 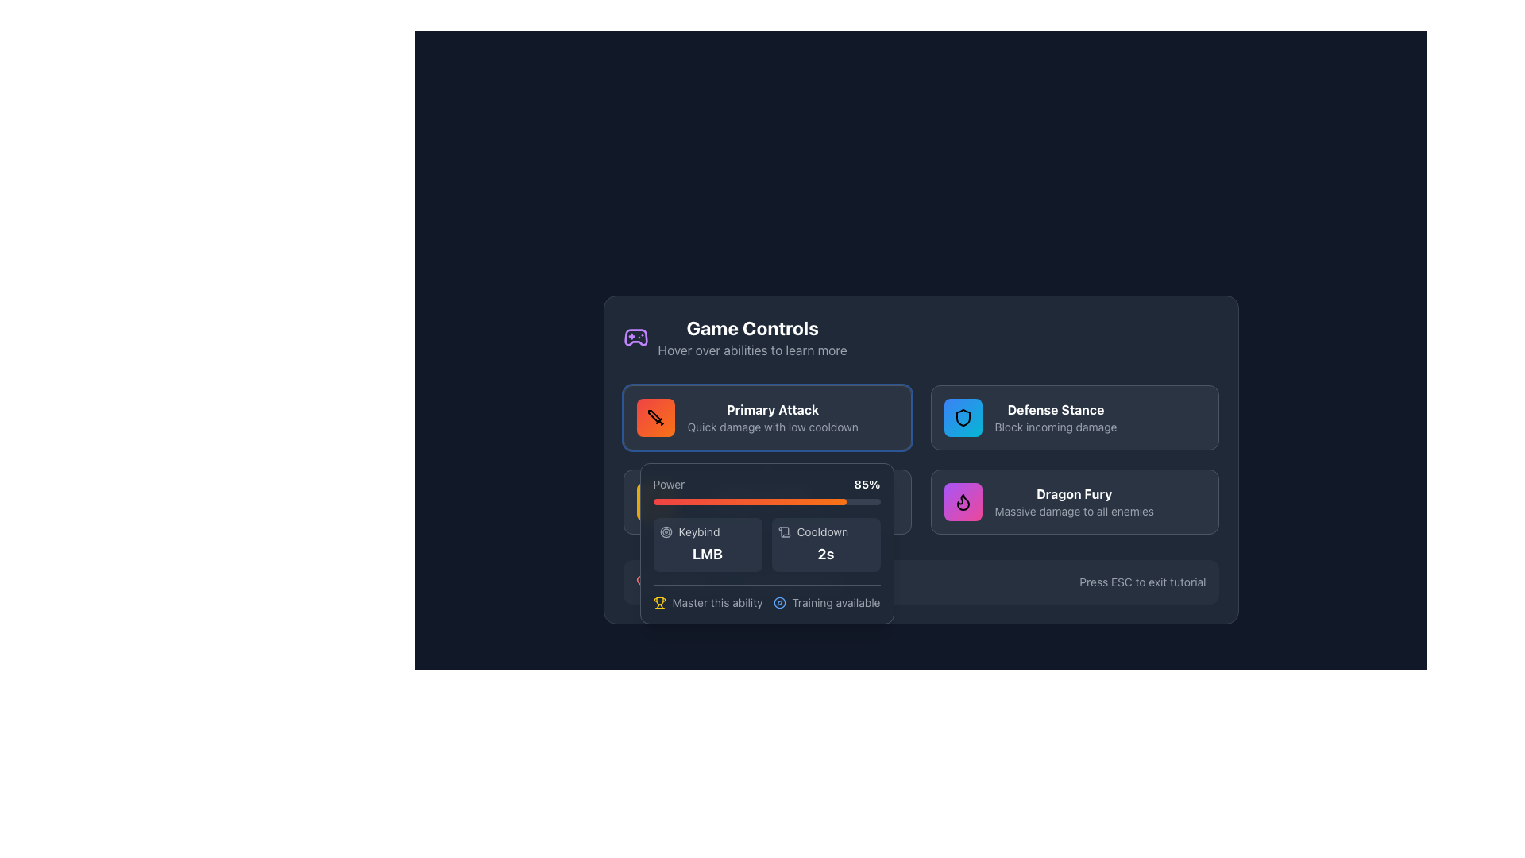 What do you see at coordinates (766, 597) in the screenshot?
I see `text from the informational banner or label located at the bottom of the card, which includes 'Master this ability' and 'Training available'` at bounding box center [766, 597].